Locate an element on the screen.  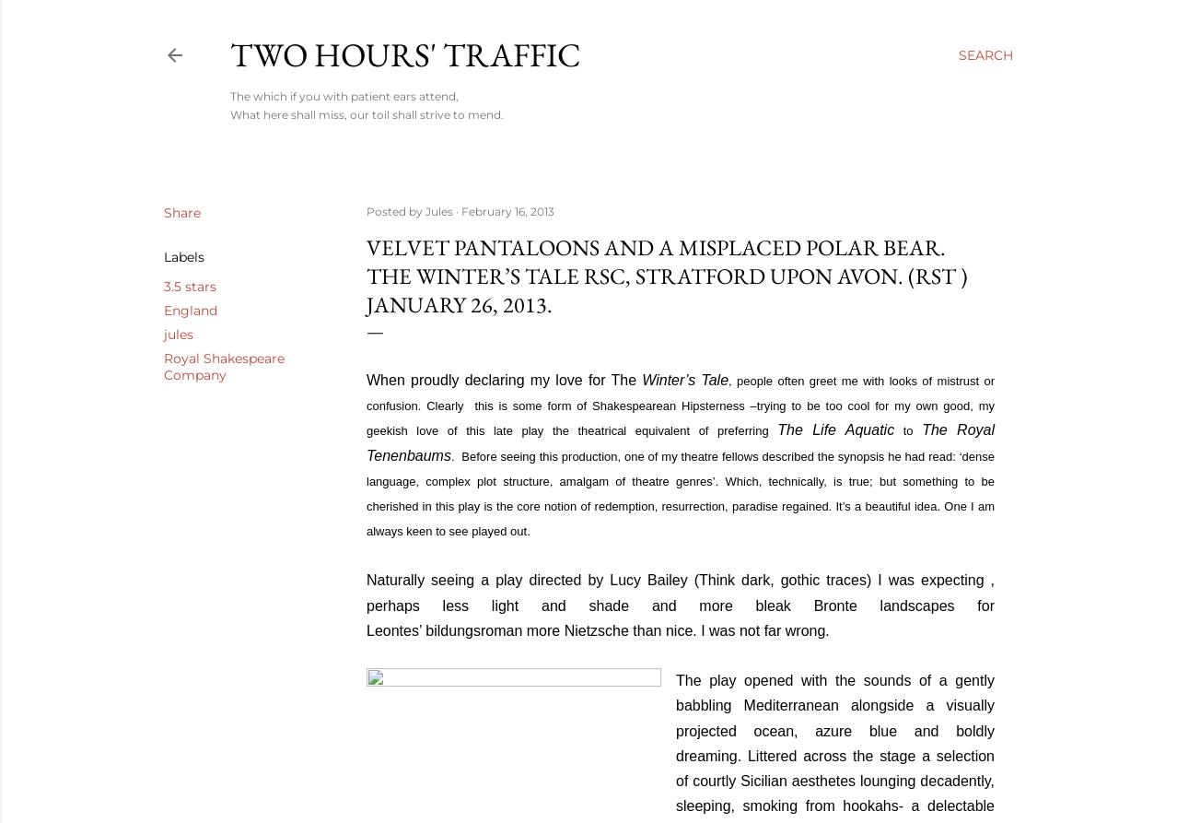
'The Life Aquatic' is located at coordinates (775, 429).